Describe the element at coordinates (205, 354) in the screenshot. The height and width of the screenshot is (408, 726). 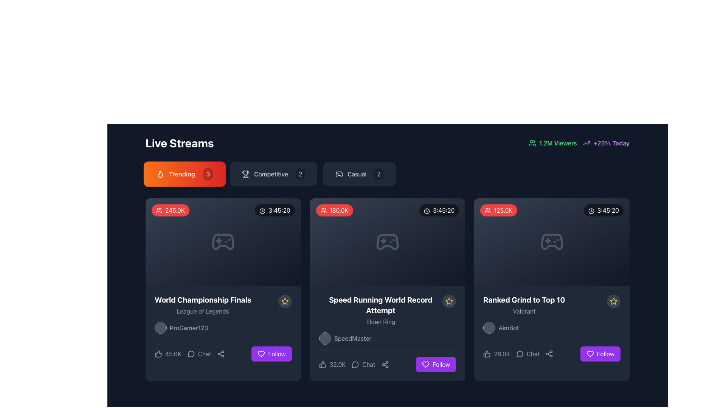
I see `the 'Chat' text label, which is styled in gray and positioned near the bottom center of the card interface` at that location.